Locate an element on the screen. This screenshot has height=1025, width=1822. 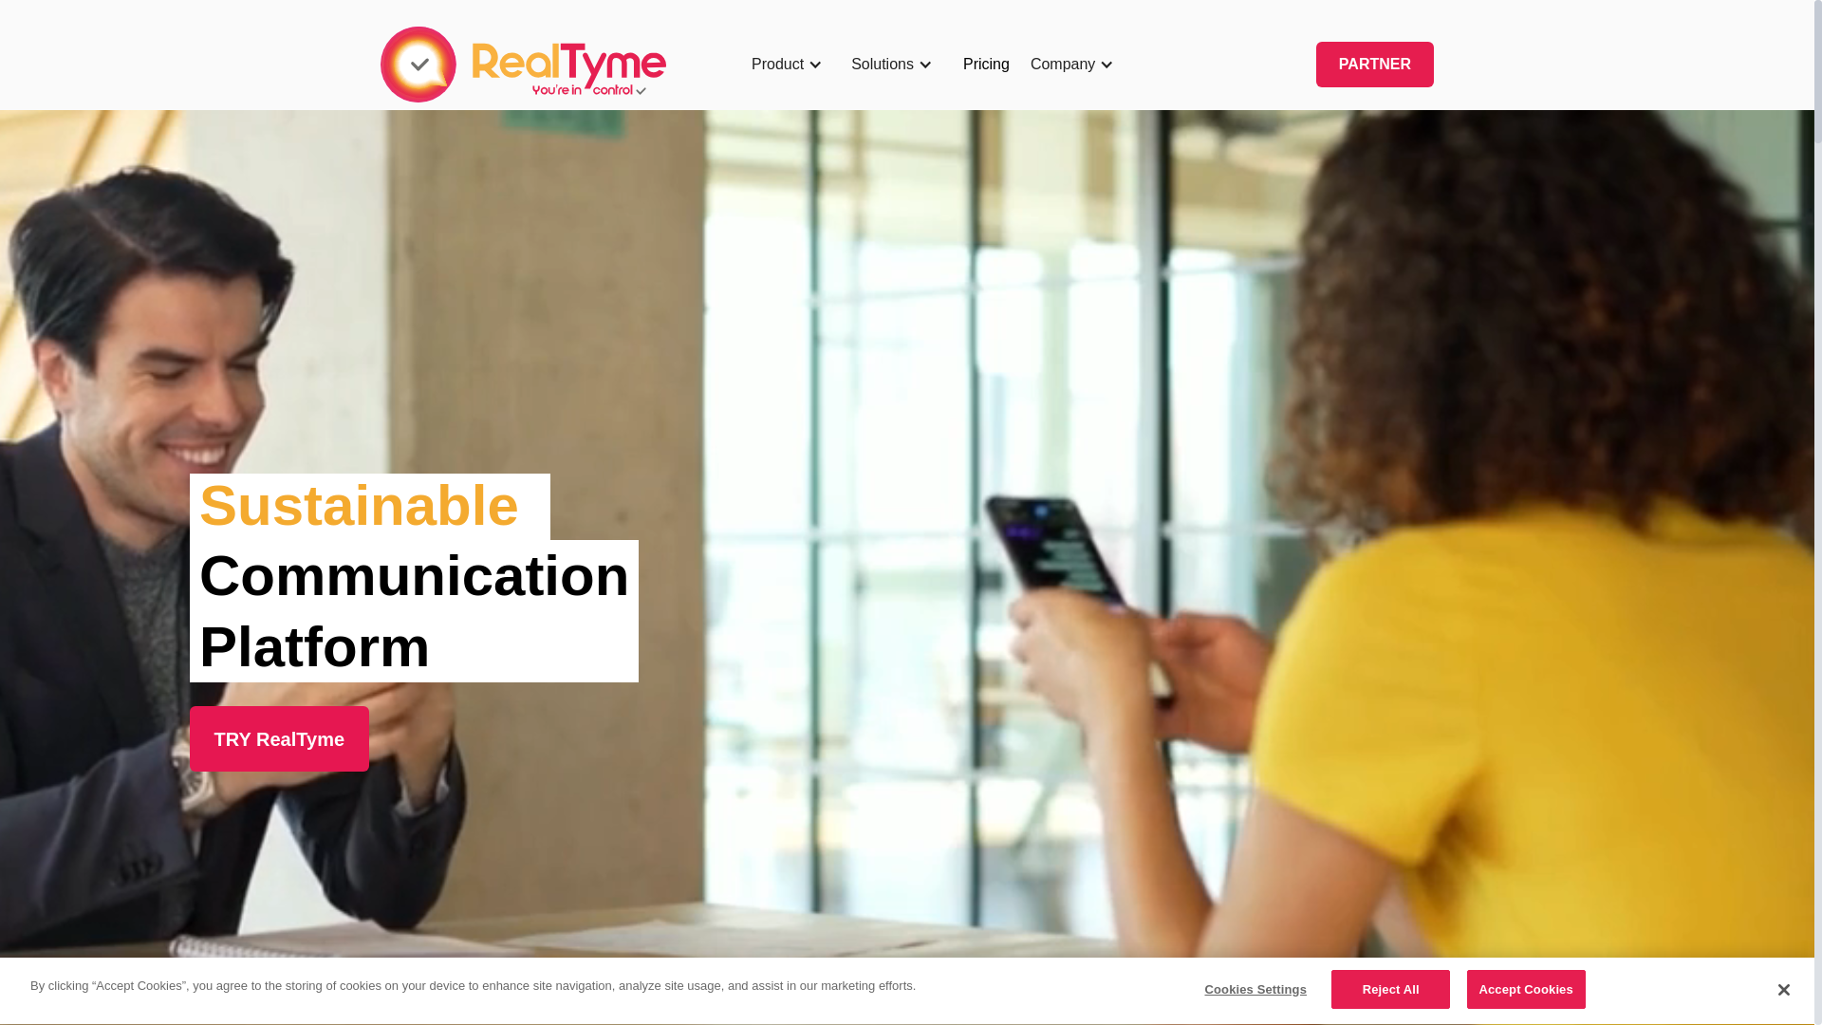
'Accept Cookies' is located at coordinates (1526, 988).